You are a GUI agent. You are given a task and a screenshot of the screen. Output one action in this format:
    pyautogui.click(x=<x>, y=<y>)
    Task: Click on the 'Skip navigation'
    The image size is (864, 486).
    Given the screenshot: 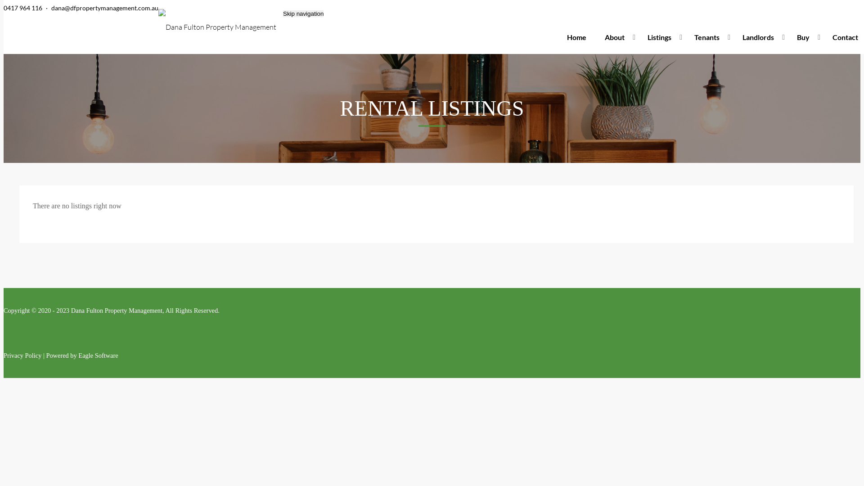 What is the action you would take?
    pyautogui.click(x=303, y=13)
    